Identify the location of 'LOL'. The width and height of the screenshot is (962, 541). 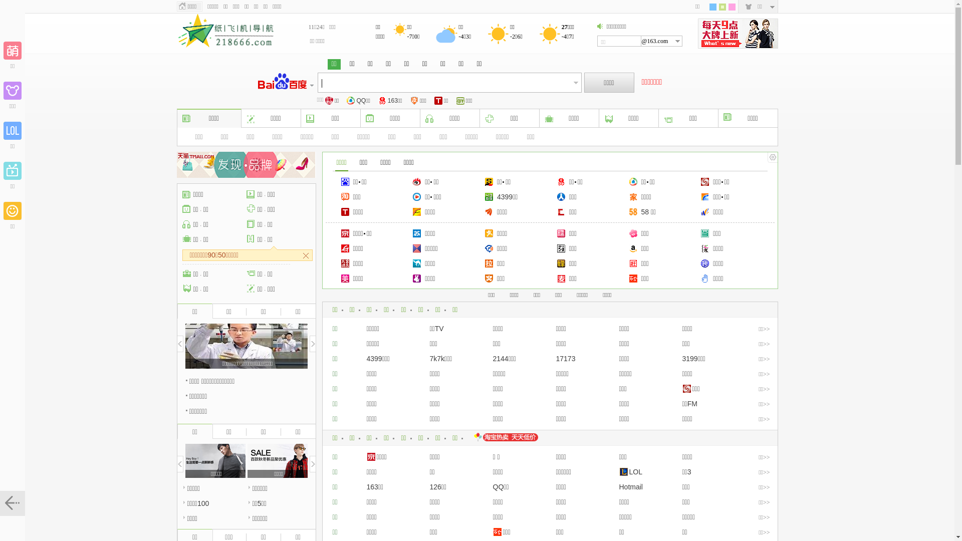
(630, 471).